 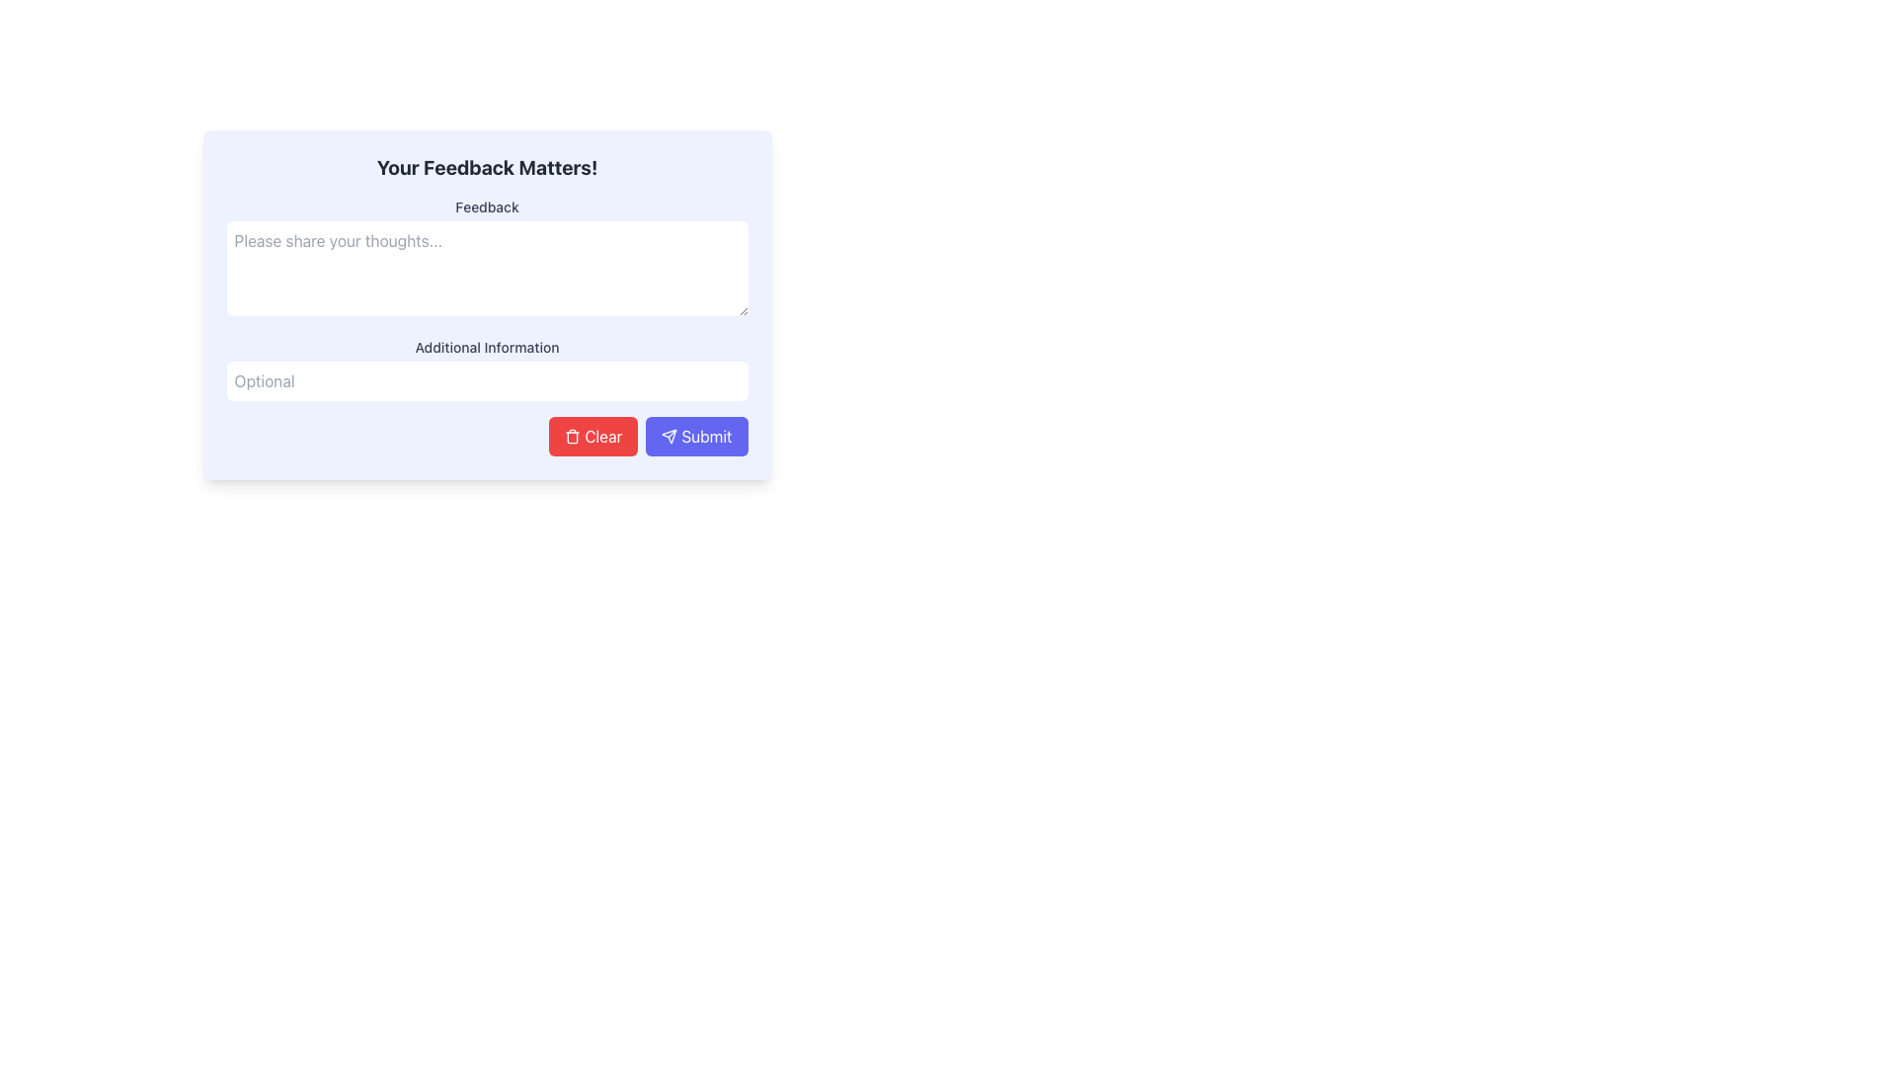 What do you see at coordinates (696, 436) in the screenshot?
I see `the rectangular blue 'Submit' button with rounded corners and white text` at bounding box center [696, 436].